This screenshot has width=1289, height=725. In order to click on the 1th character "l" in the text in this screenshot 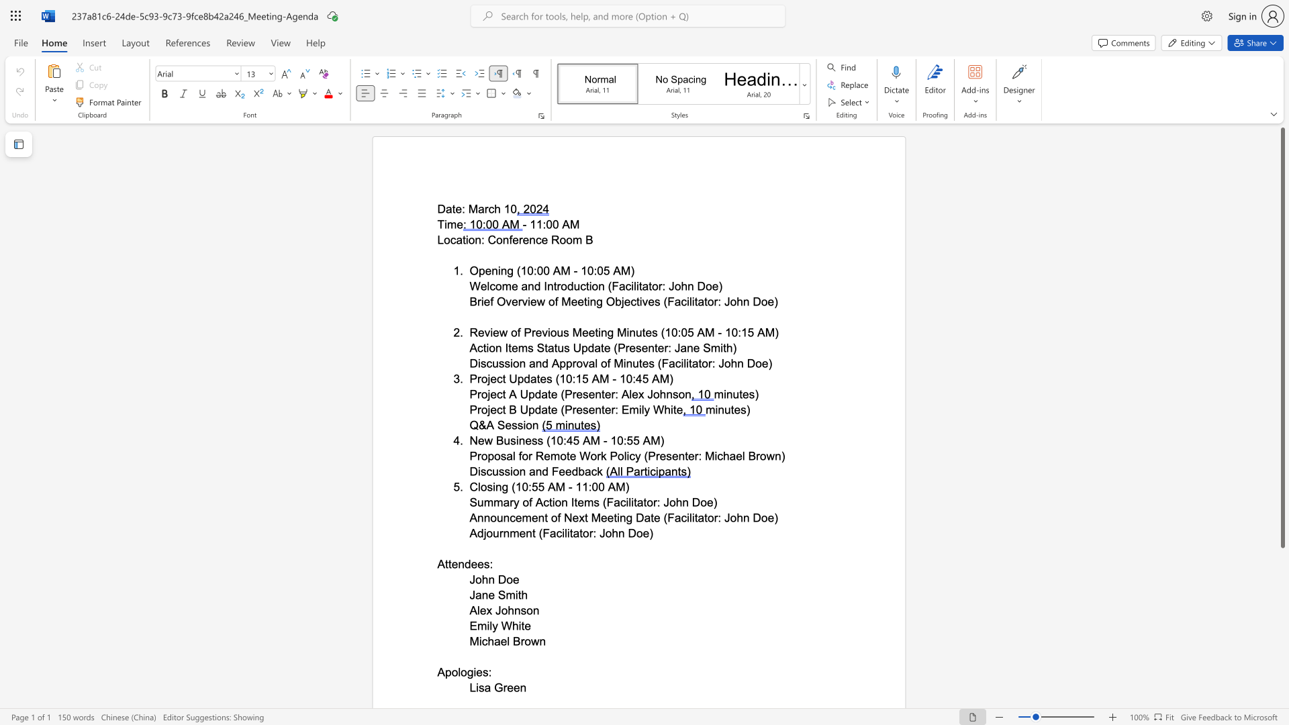, I will do `click(479, 487)`.